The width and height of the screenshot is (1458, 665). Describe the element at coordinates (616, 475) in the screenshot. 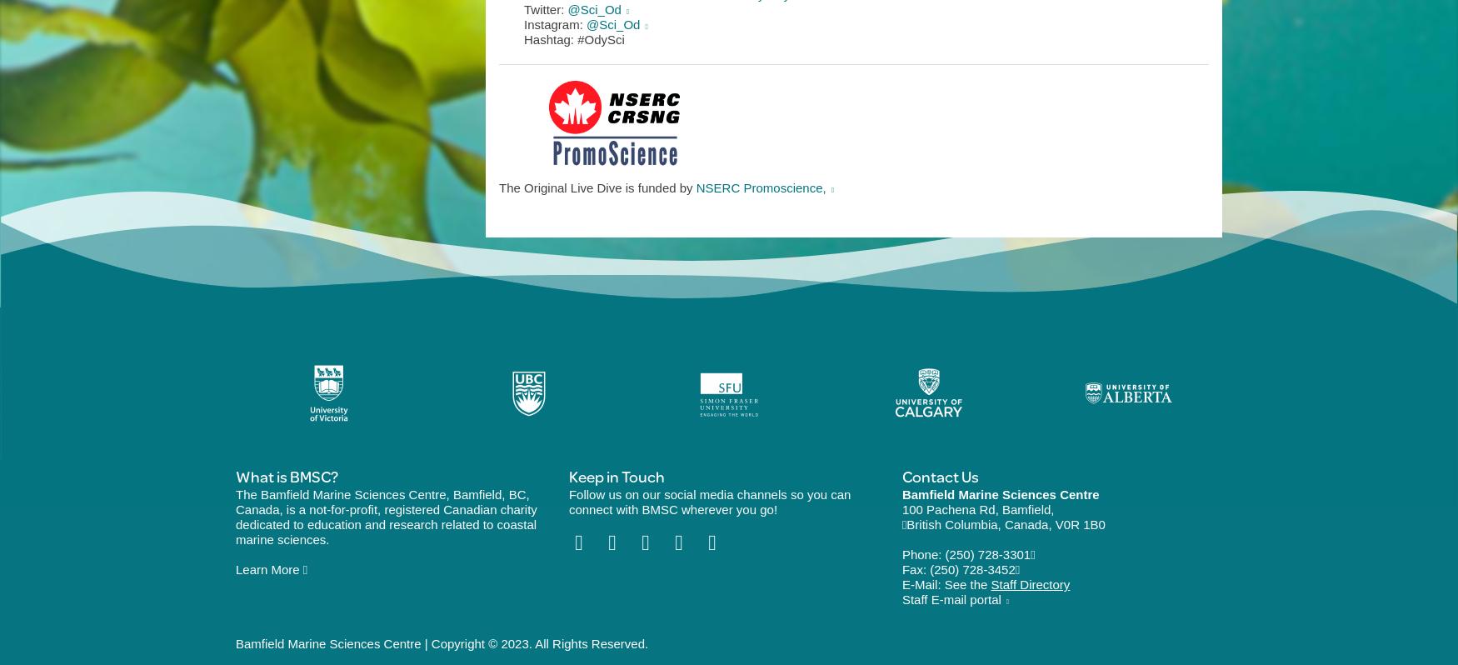

I see `'Keep in Touch'` at that location.